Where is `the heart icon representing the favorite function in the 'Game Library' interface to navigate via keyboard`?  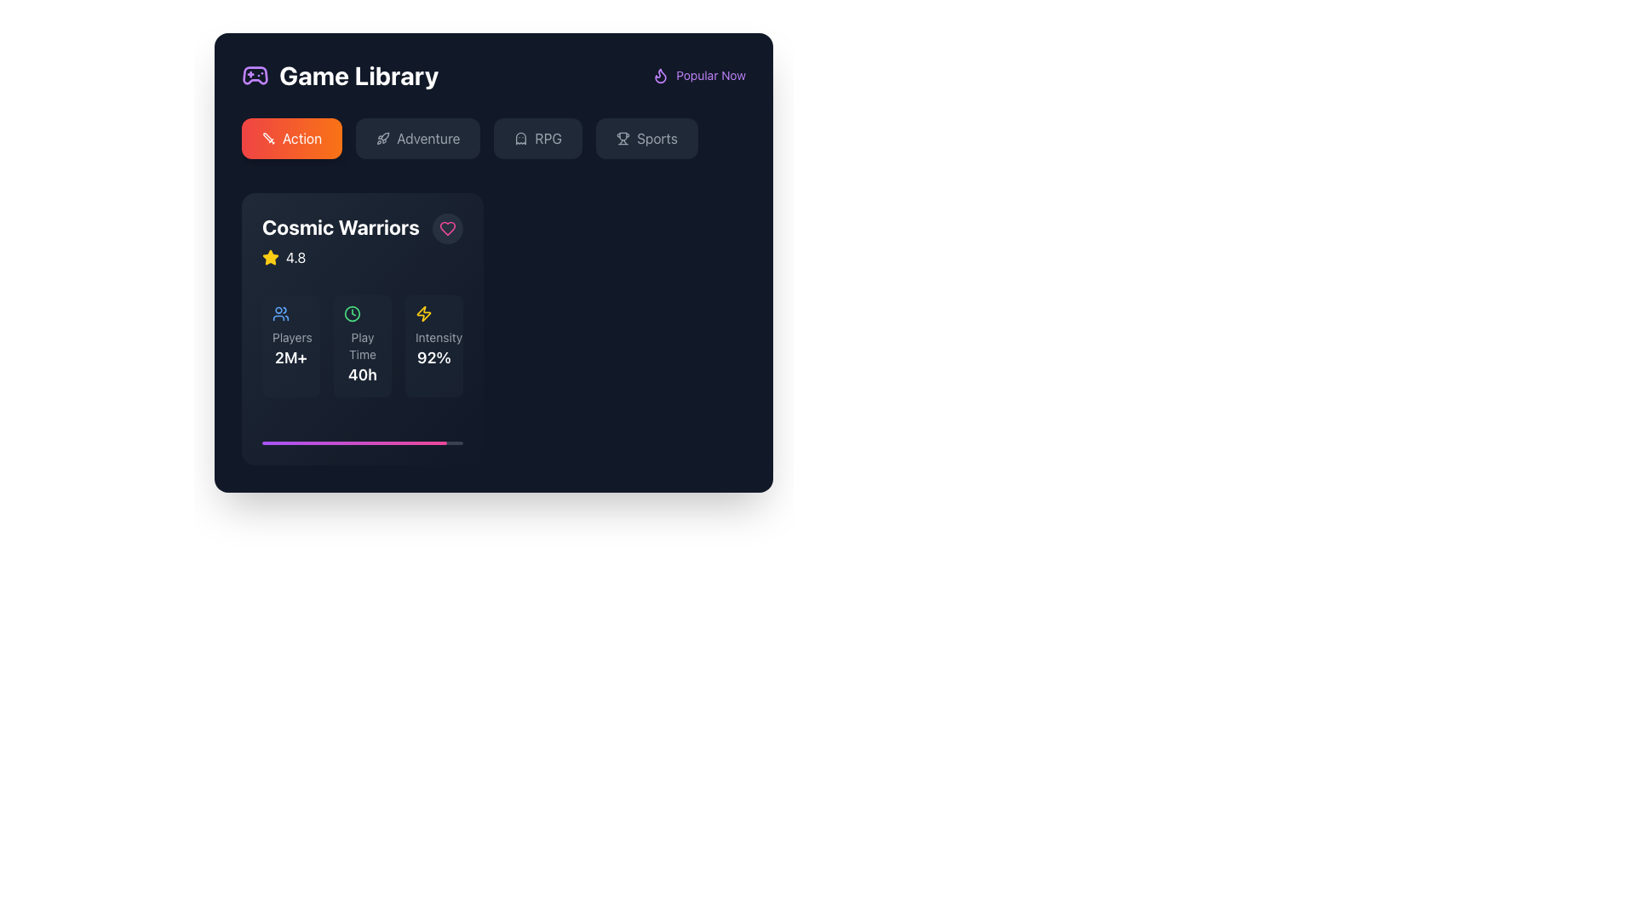
the heart icon representing the favorite function in the 'Game Library' interface to navigate via keyboard is located at coordinates (448, 228).